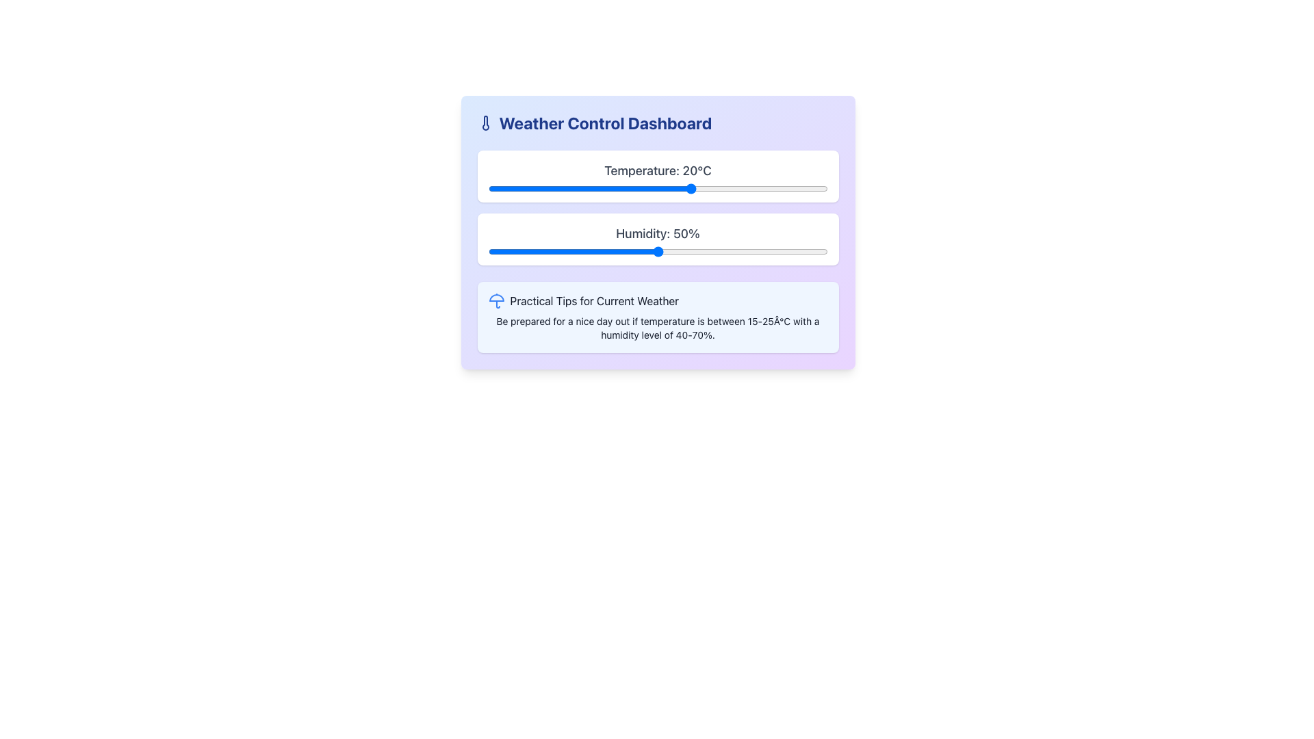 This screenshot has width=1314, height=739. What do you see at coordinates (658, 233) in the screenshot?
I see `the text label displaying 'Humidity: 50%' which is centered above a gradient-colored slider in a white rounded box within a purple dashboard` at bounding box center [658, 233].